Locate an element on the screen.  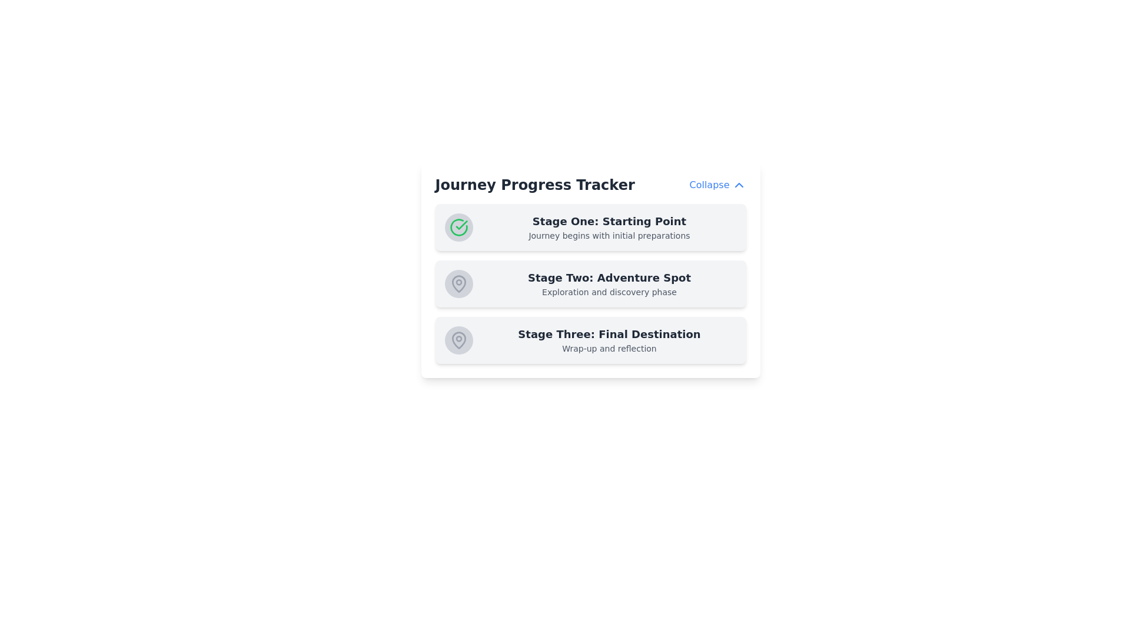
the circular icon button with a light gray background and a darker gray map-pin icon, located at the leftmost side of the row labeled 'Stage Three: Final Destination Wrap-up and reflection.' is located at coordinates (458, 340).